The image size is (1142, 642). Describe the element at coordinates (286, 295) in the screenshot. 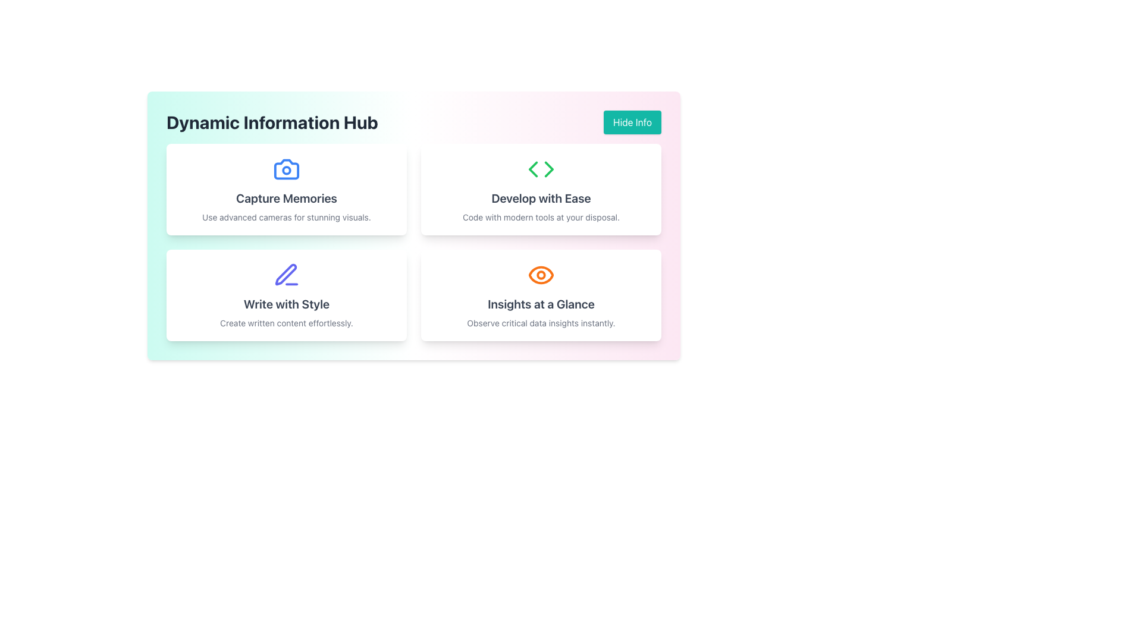

I see `the rectangular card with a white background and a pen icon at the top, labeled 'Write with Style'` at that location.